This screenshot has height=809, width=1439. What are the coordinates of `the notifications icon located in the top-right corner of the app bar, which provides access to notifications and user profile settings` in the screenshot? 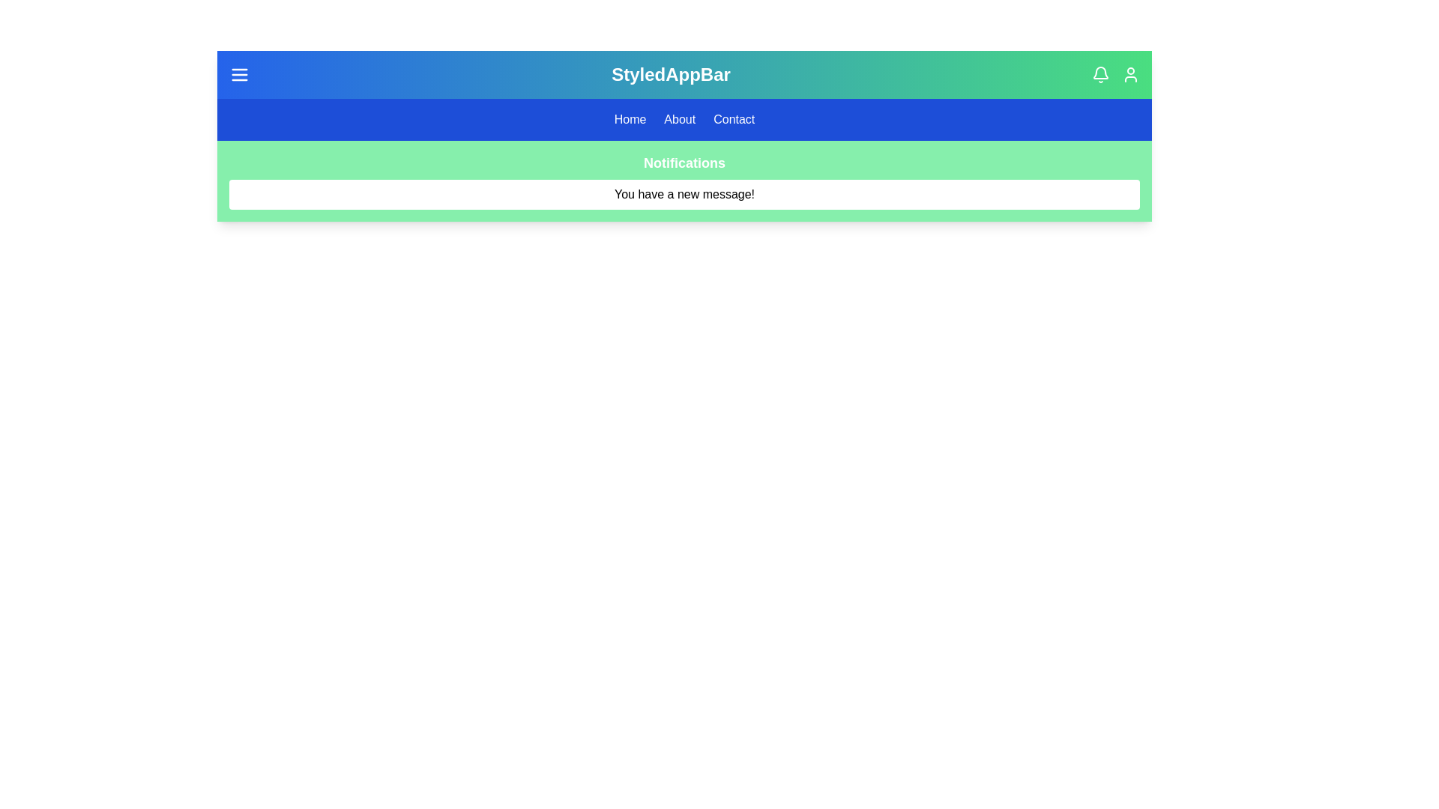 It's located at (1115, 75).